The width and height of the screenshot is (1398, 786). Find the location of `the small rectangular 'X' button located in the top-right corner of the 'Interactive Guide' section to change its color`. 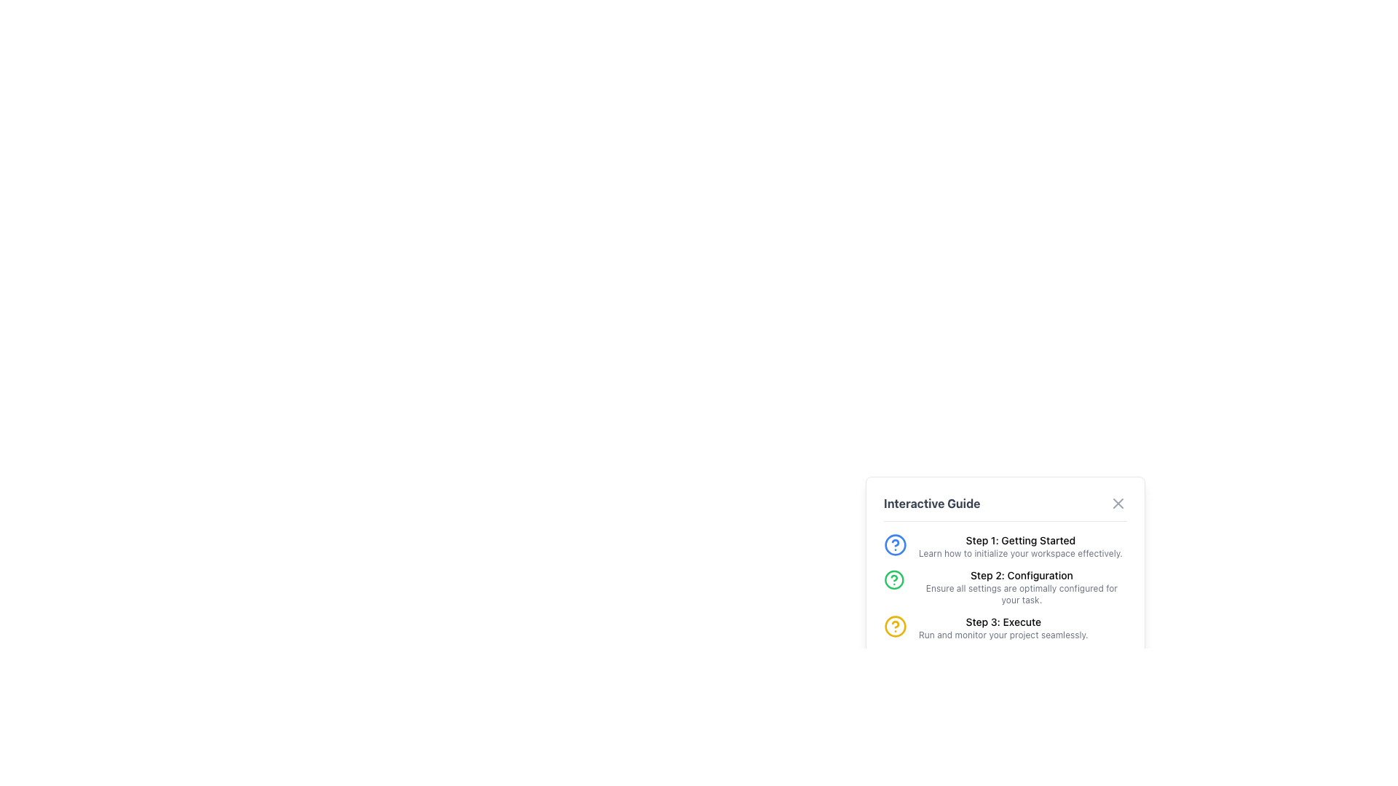

the small rectangular 'X' button located in the top-right corner of the 'Interactive Guide' section to change its color is located at coordinates (1118, 502).